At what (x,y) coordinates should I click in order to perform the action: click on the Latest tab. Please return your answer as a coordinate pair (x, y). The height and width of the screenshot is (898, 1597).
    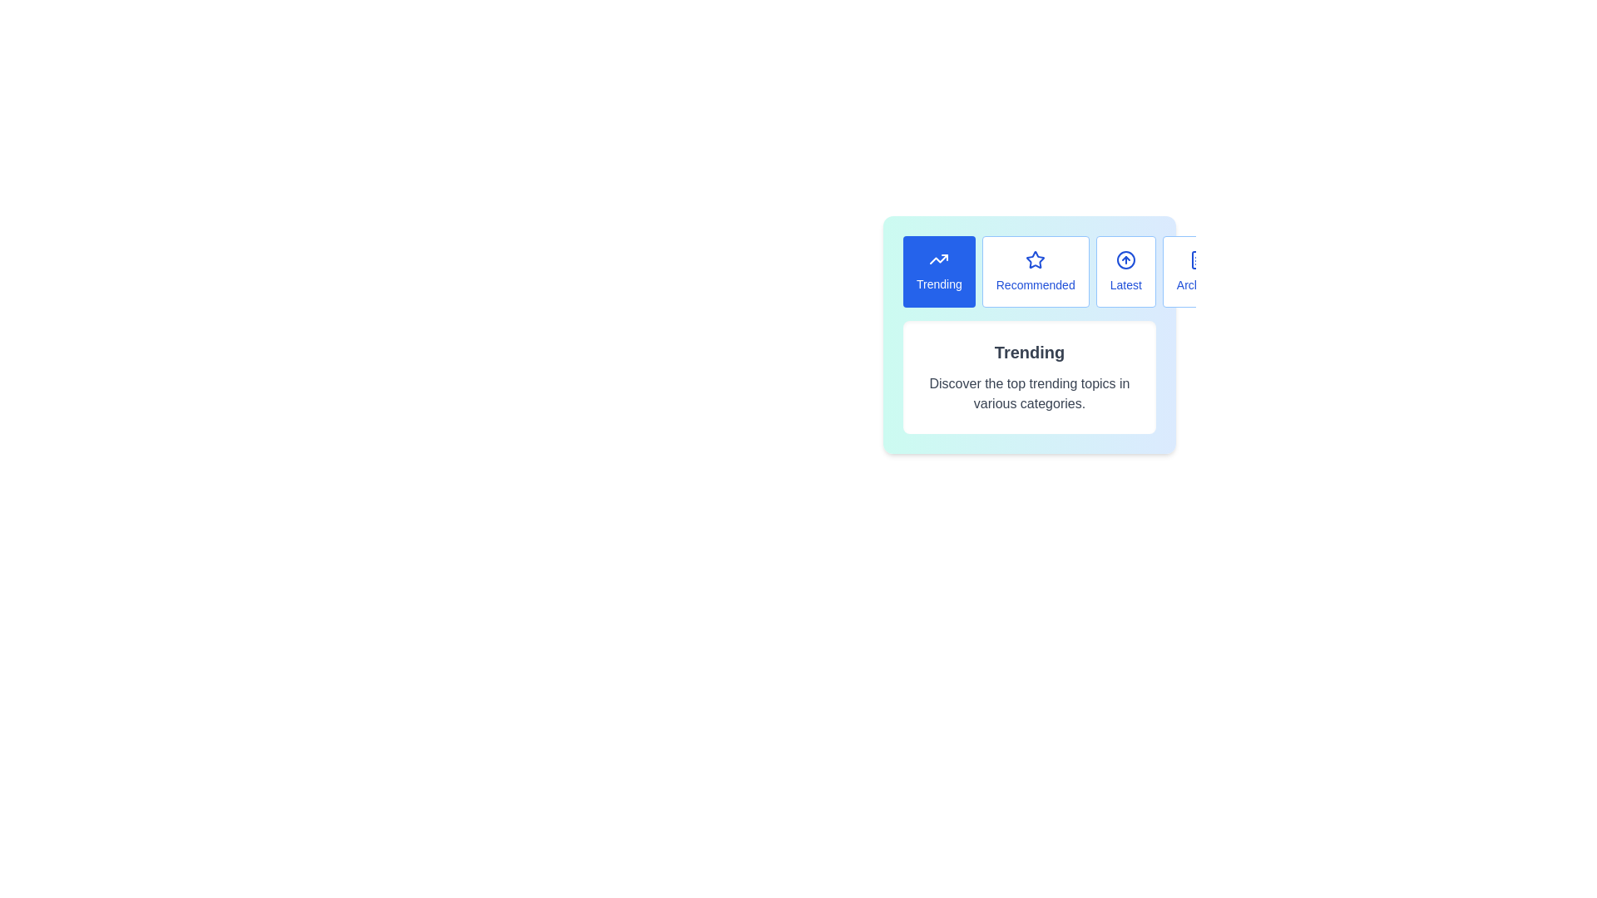
    Looking at the image, I should click on (1125, 271).